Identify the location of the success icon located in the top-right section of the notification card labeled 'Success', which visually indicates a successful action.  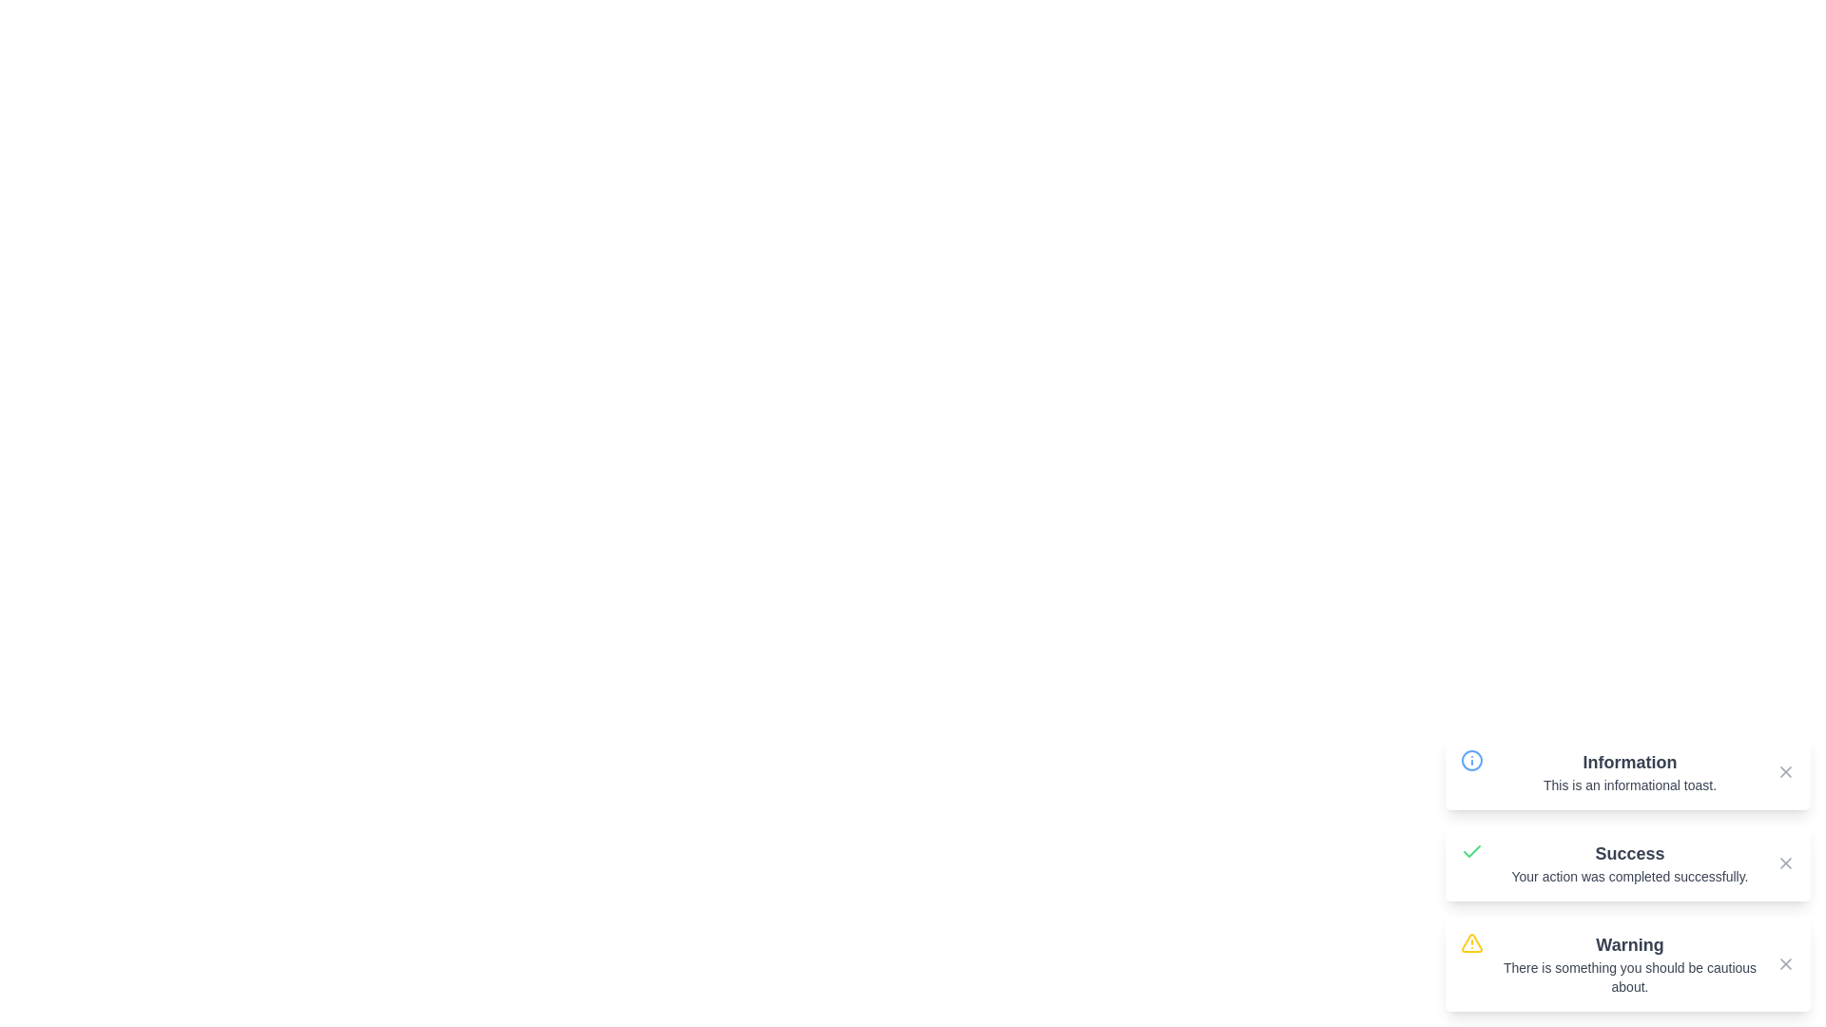
(1471, 850).